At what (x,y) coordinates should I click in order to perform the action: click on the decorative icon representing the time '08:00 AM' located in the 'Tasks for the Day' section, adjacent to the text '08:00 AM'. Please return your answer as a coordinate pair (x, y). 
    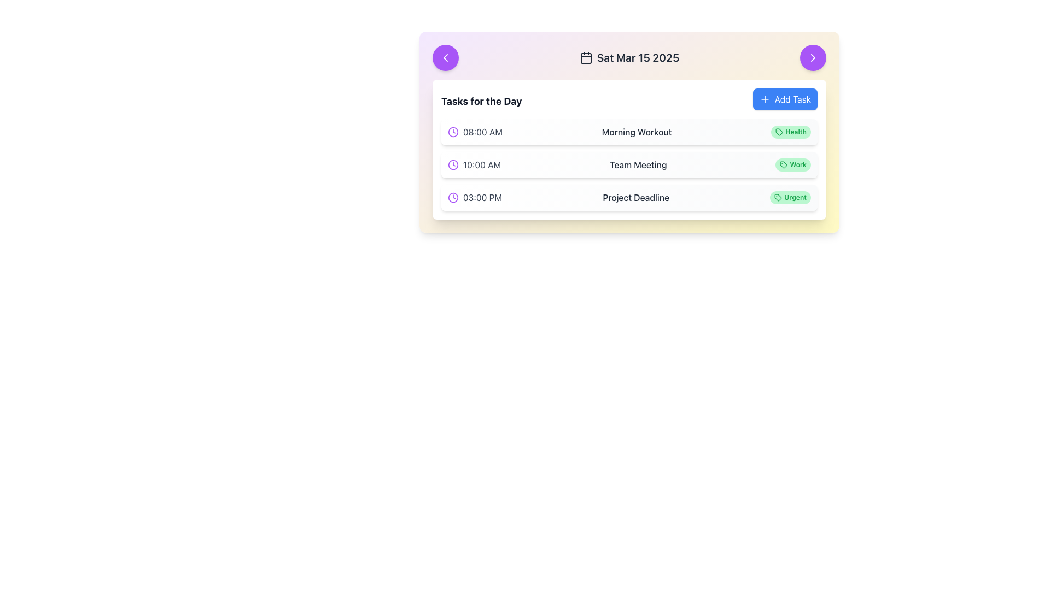
    Looking at the image, I should click on (453, 132).